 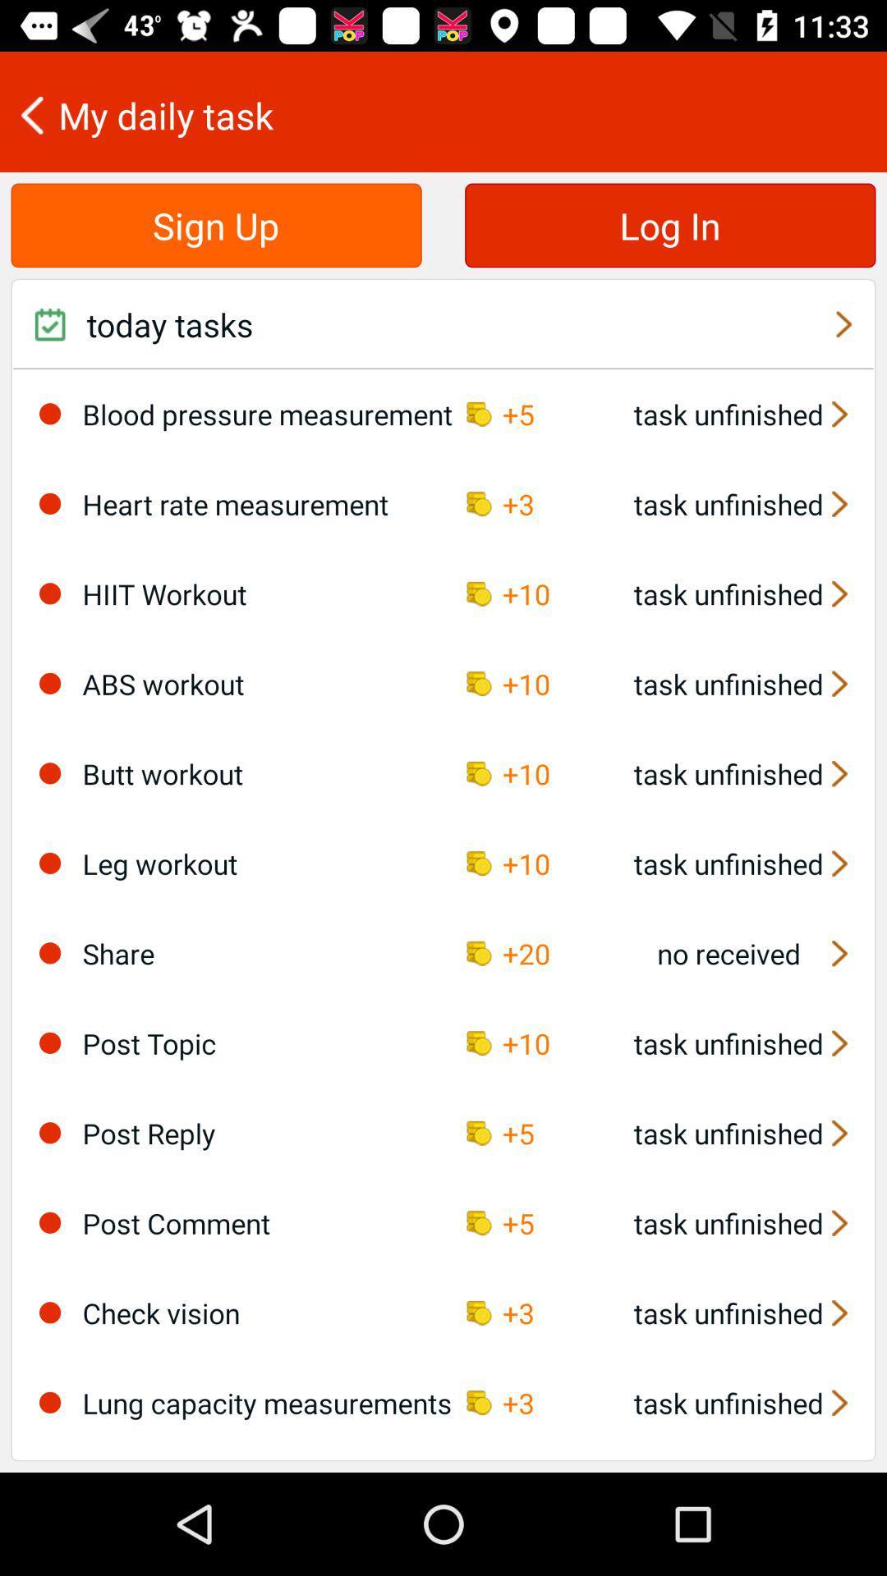 What do you see at coordinates (49, 1401) in the screenshot?
I see `the icon to the left of lung capacity measurements icon` at bounding box center [49, 1401].